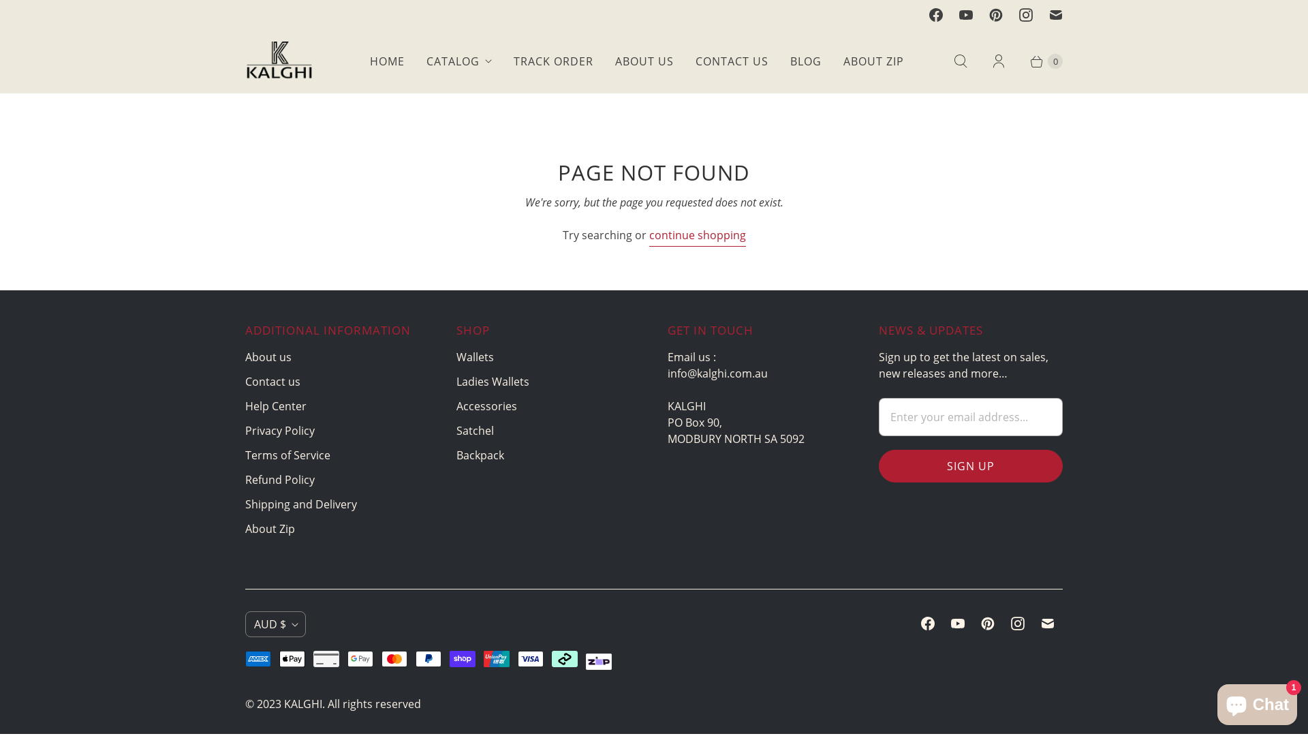 The height and width of the screenshot is (736, 1308). What do you see at coordinates (1039, 60) in the screenshot?
I see `'0'` at bounding box center [1039, 60].